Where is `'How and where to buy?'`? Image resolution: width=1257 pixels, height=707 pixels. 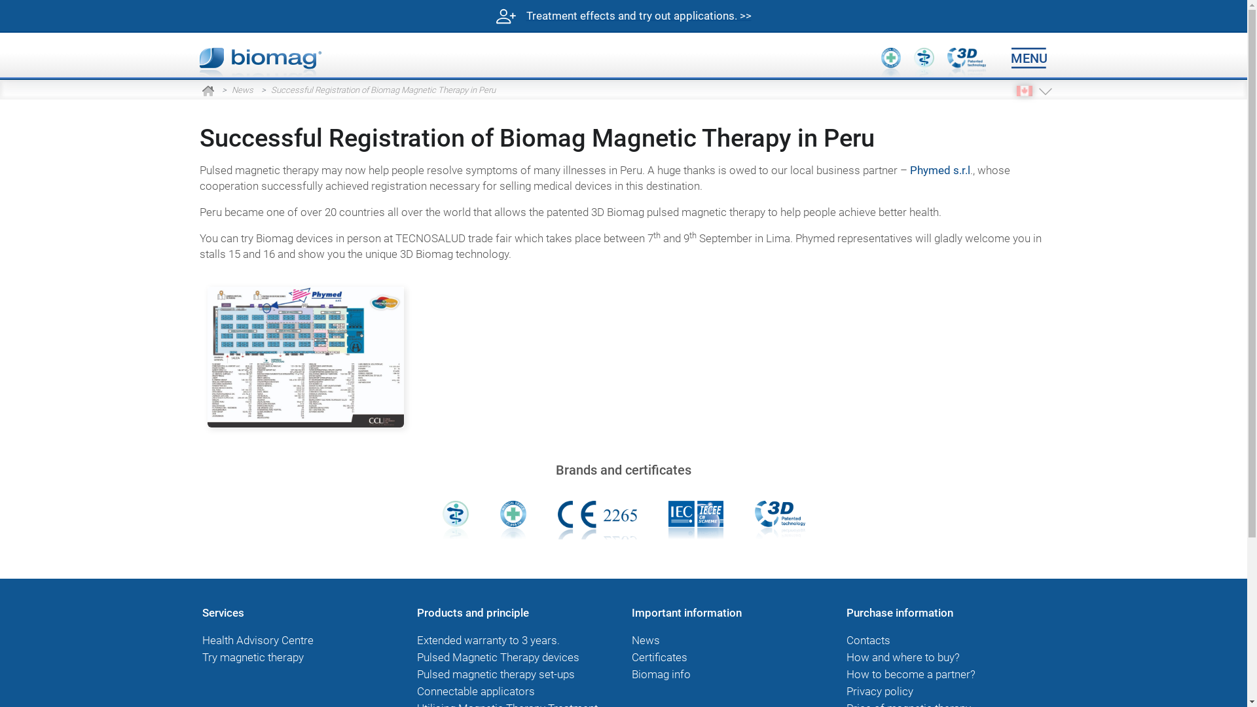
'How and where to buy?' is located at coordinates (902, 657).